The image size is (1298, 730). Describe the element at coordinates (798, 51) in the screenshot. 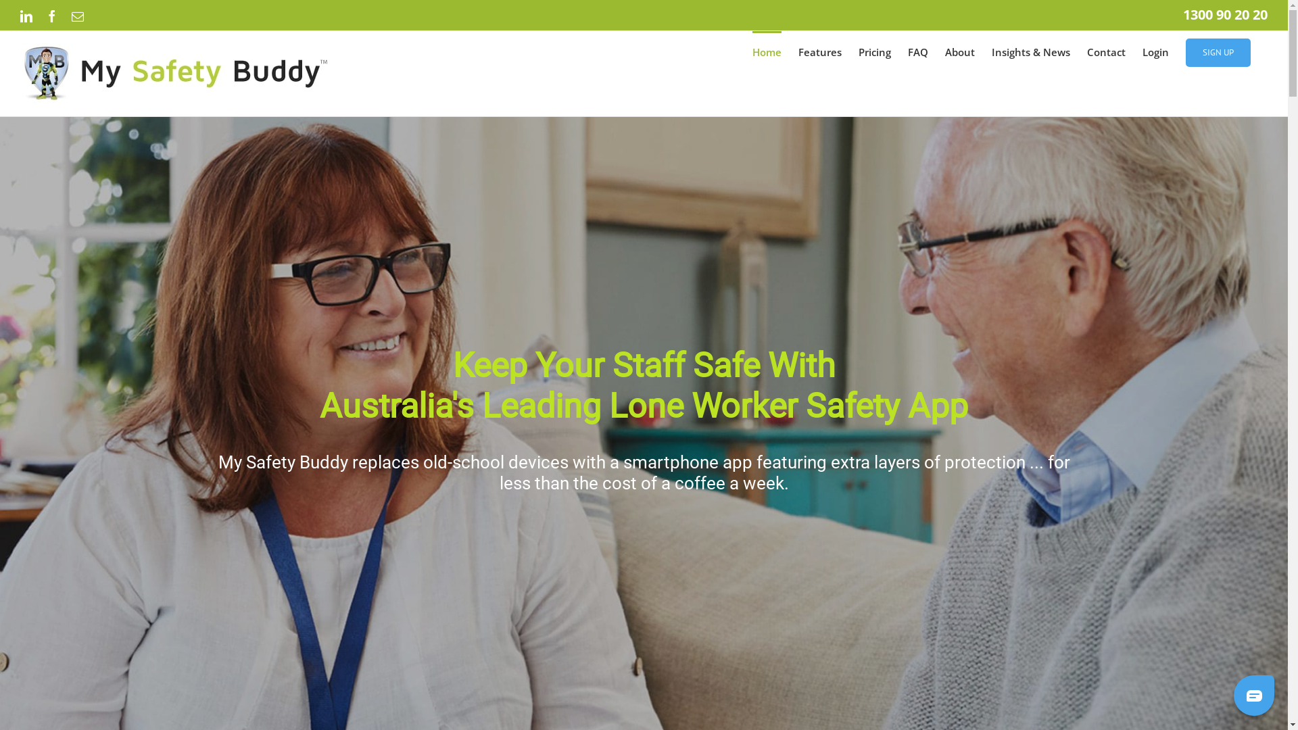

I see `'Features'` at that location.